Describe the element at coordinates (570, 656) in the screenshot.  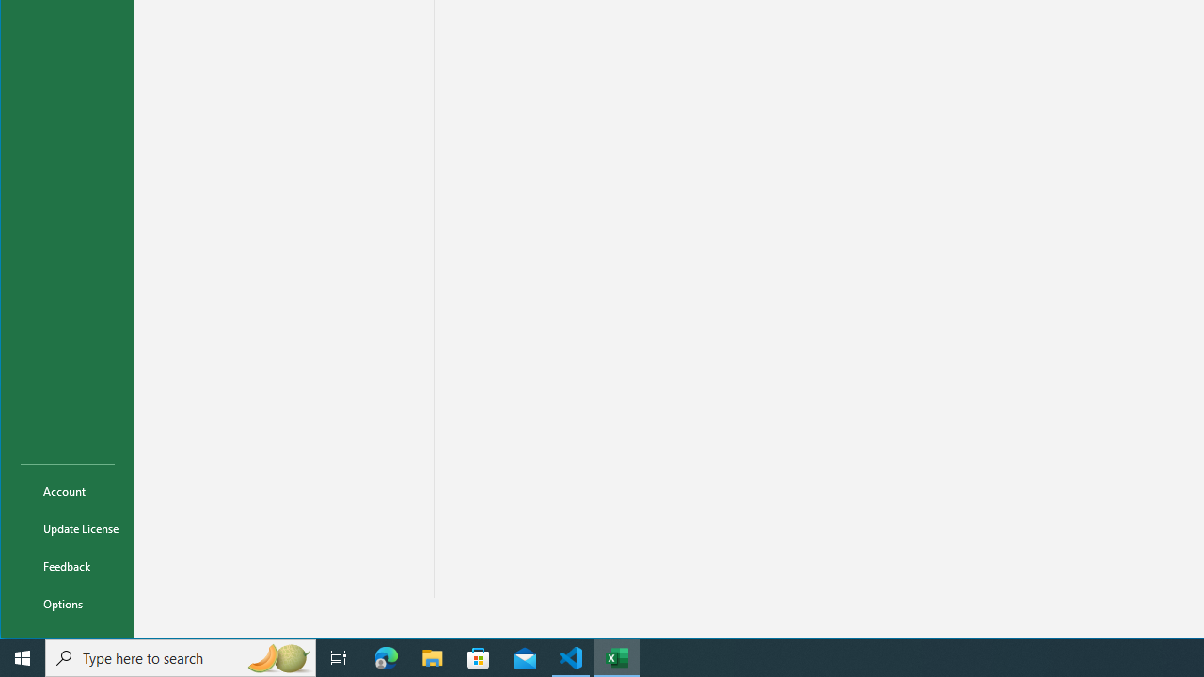
I see `'Visual Studio Code - 1 running window'` at that location.